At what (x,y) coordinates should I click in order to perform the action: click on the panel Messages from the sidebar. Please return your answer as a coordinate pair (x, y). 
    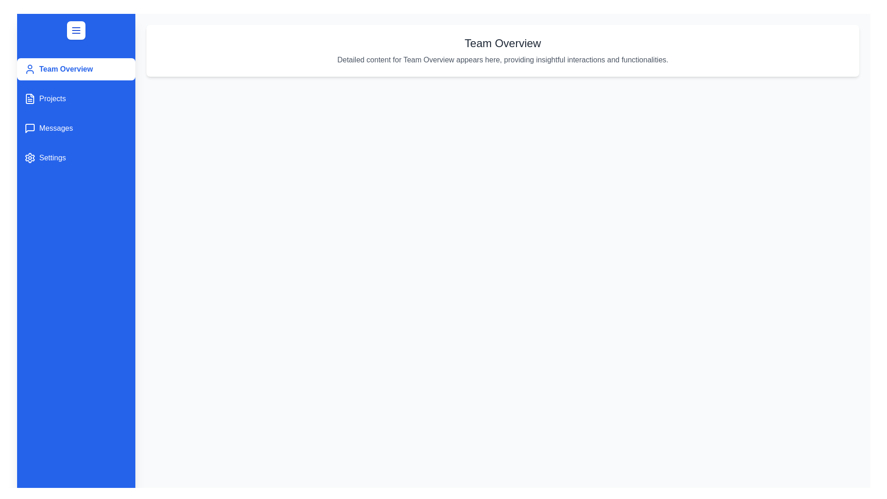
    Looking at the image, I should click on (76, 128).